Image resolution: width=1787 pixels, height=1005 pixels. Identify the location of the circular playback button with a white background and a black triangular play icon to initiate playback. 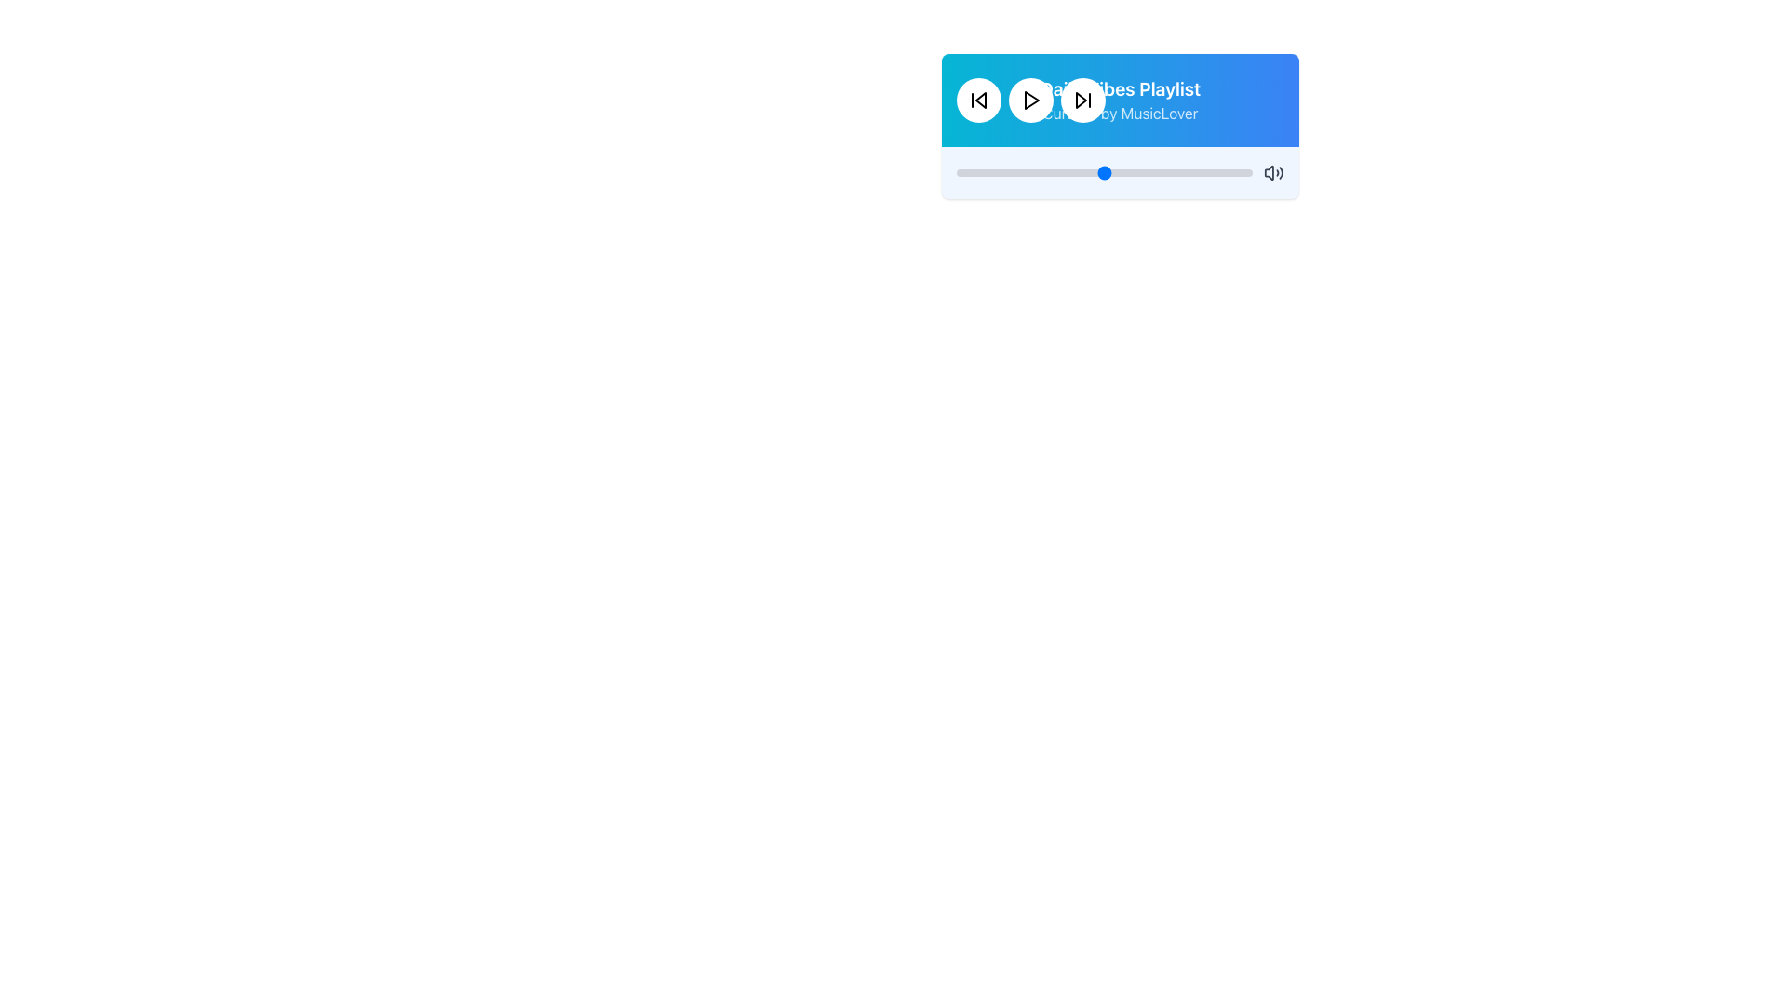
(1030, 100).